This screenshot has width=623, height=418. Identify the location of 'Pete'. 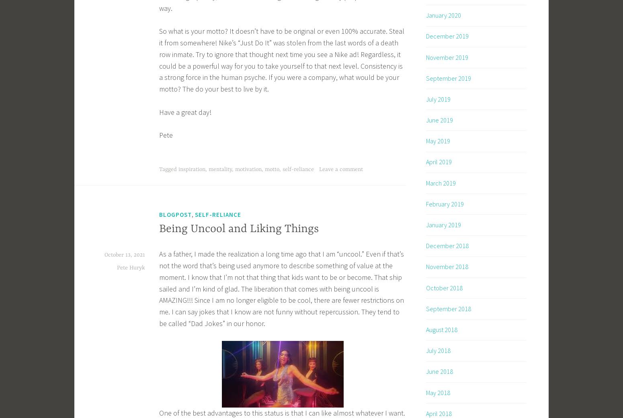
(166, 135).